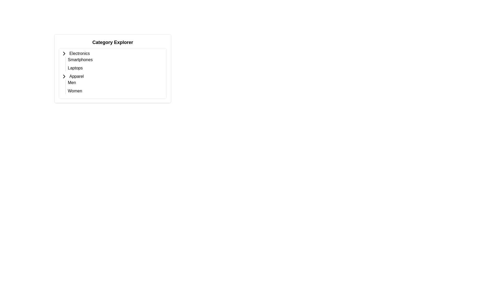  What do you see at coordinates (64, 53) in the screenshot?
I see `the arrow icon to the left of the 'Electronics' label` at bounding box center [64, 53].